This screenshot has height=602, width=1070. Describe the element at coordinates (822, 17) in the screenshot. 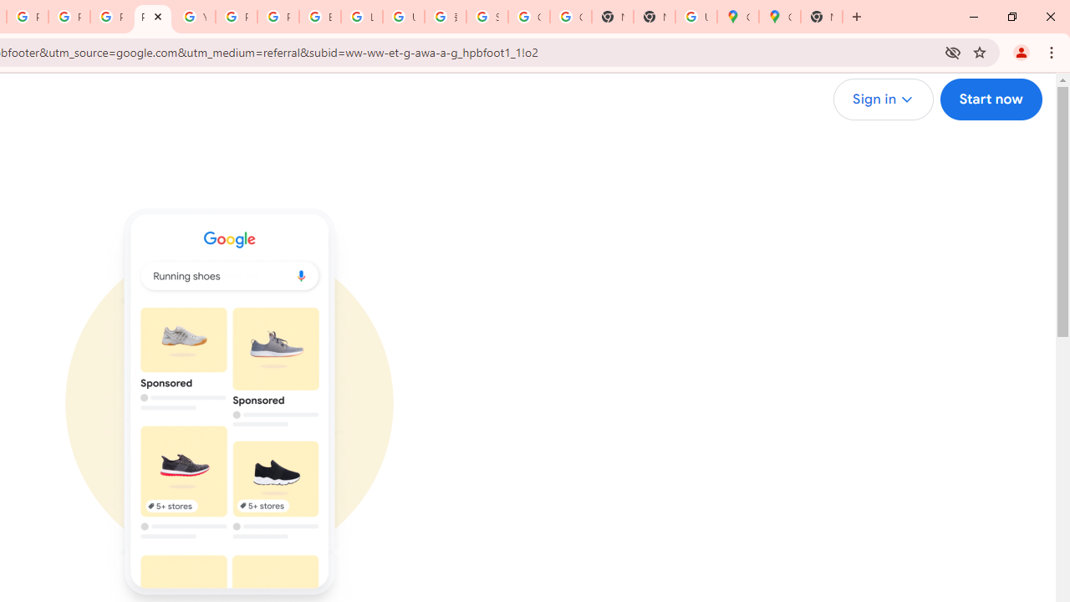

I see `'New Tab'` at that location.